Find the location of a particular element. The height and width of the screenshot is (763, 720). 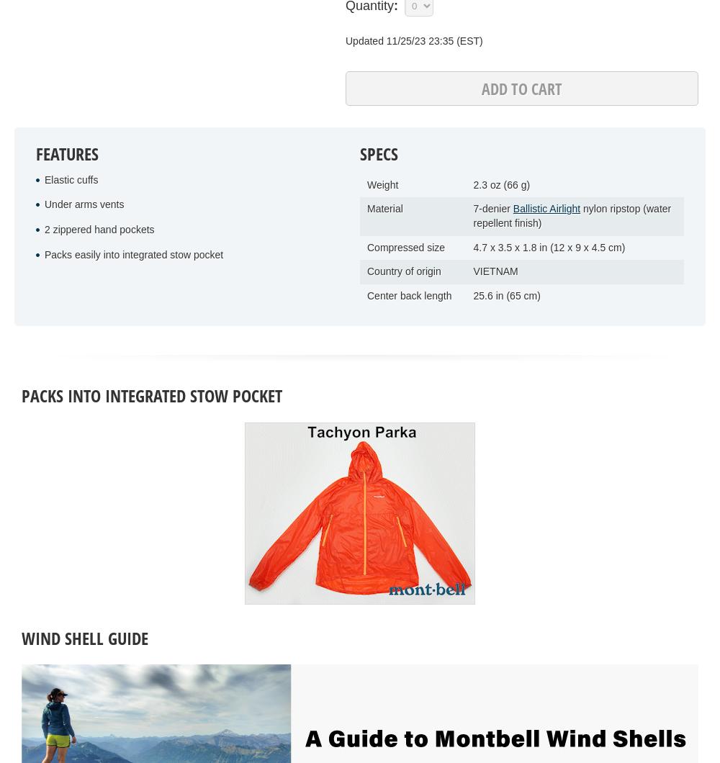

'7-denier' is located at coordinates (492, 209).